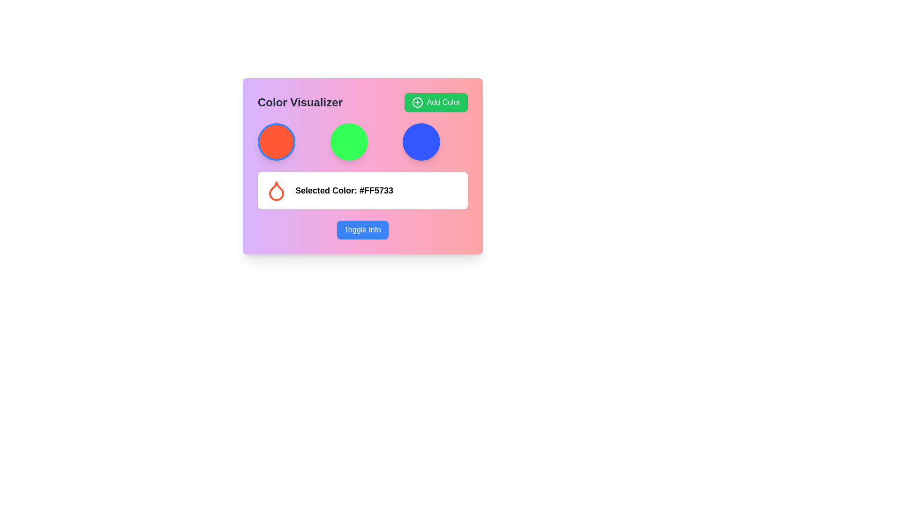  Describe the element at coordinates (421, 142) in the screenshot. I see `the circular blue button located on the far right of the row beneath the 'Add Color' button to trigger its visual effects` at that location.